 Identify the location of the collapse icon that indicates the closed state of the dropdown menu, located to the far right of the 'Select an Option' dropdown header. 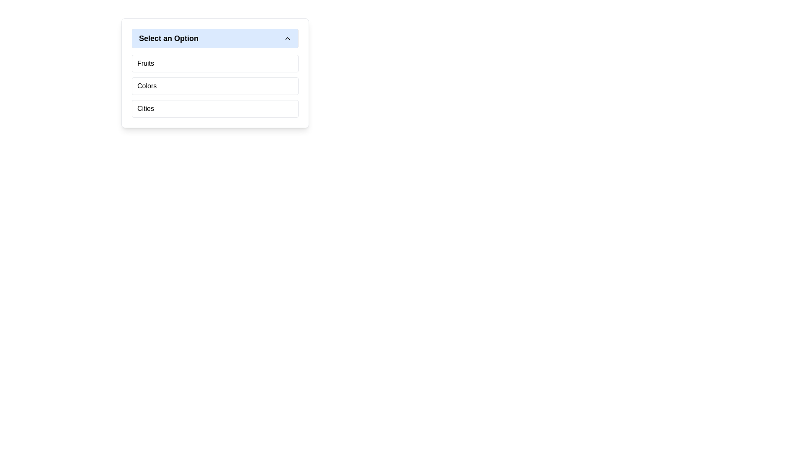
(287, 39).